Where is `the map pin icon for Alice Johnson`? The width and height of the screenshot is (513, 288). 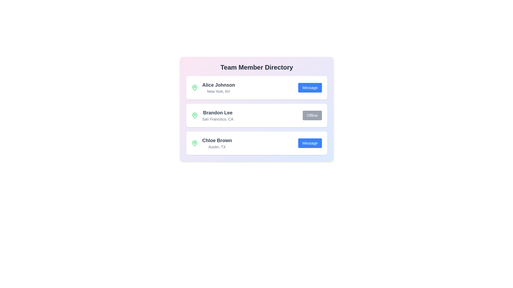
the map pin icon for Alice Johnson is located at coordinates (195, 87).